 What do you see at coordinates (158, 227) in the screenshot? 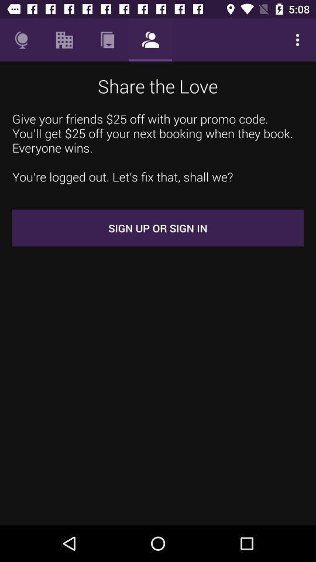
I see `sign up or at the center` at bounding box center [158, 227].